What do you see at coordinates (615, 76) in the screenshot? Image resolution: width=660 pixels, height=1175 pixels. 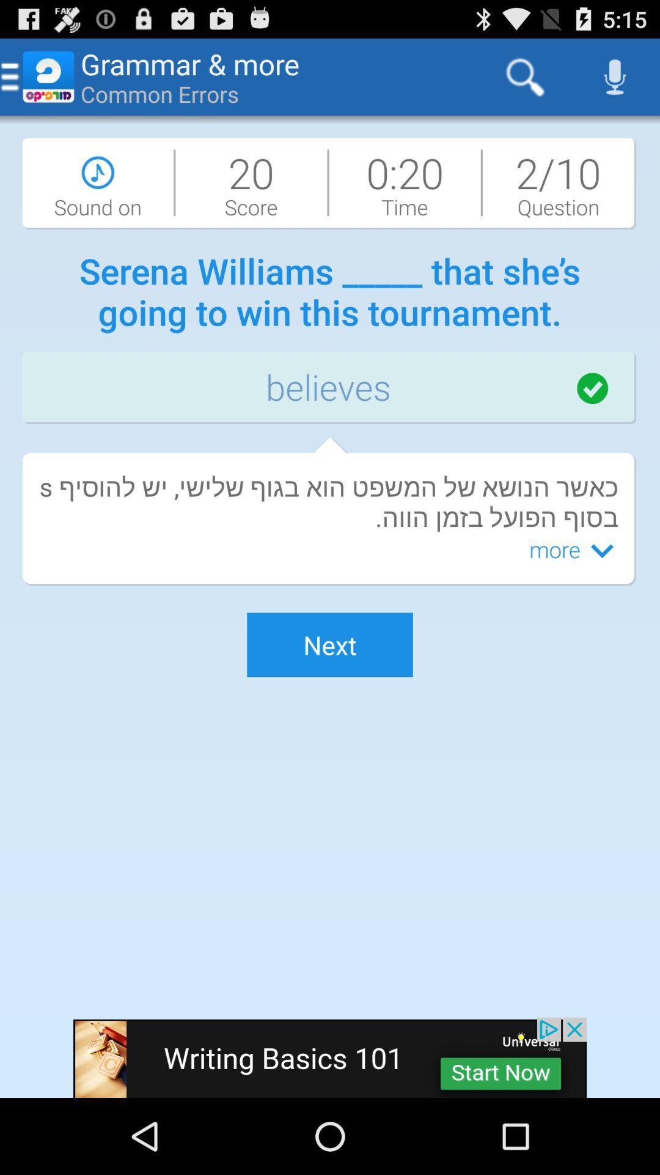 I see `the mike` at bounding box center [615, 76].